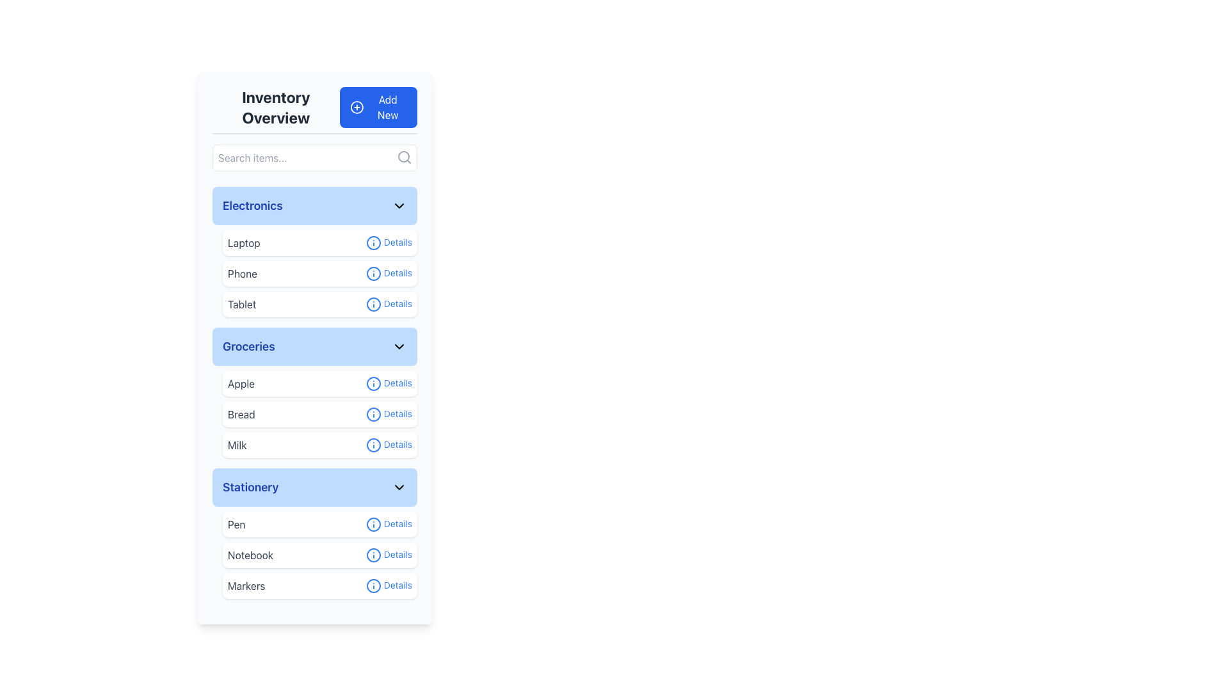 The image size is (1229, 691). What do you see at coordinates (387, 107) in the screenshot?
I see `text displayed on the 'Add New' button, which is a bold white text centrally aligned within a blue rounded background` at bounding box center [387, 107].